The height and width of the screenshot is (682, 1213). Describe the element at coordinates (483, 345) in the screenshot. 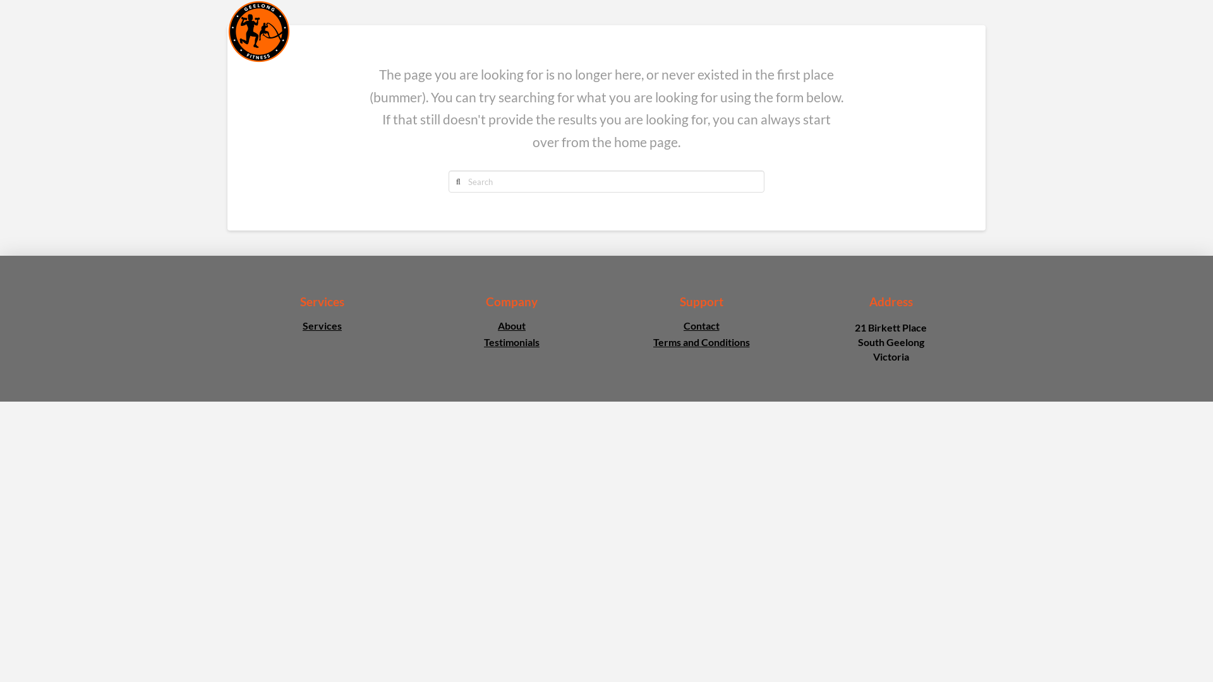

I see `'Testimonials'` at that location.